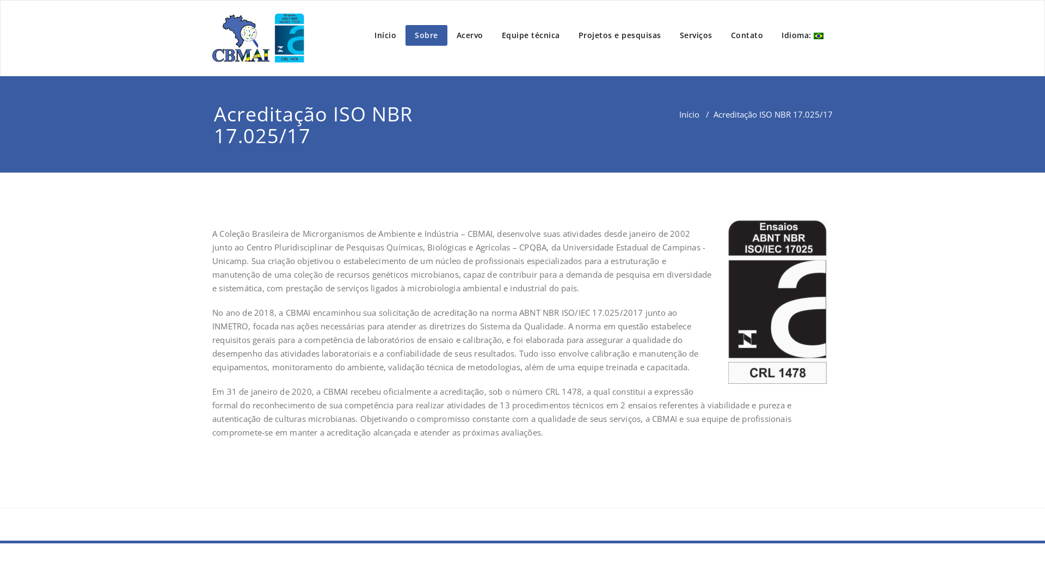  What do you see at coordinates (619, 35) in the screenshot?
I see `'Projetos e pesquisas'` at bounding box center [619, 35].